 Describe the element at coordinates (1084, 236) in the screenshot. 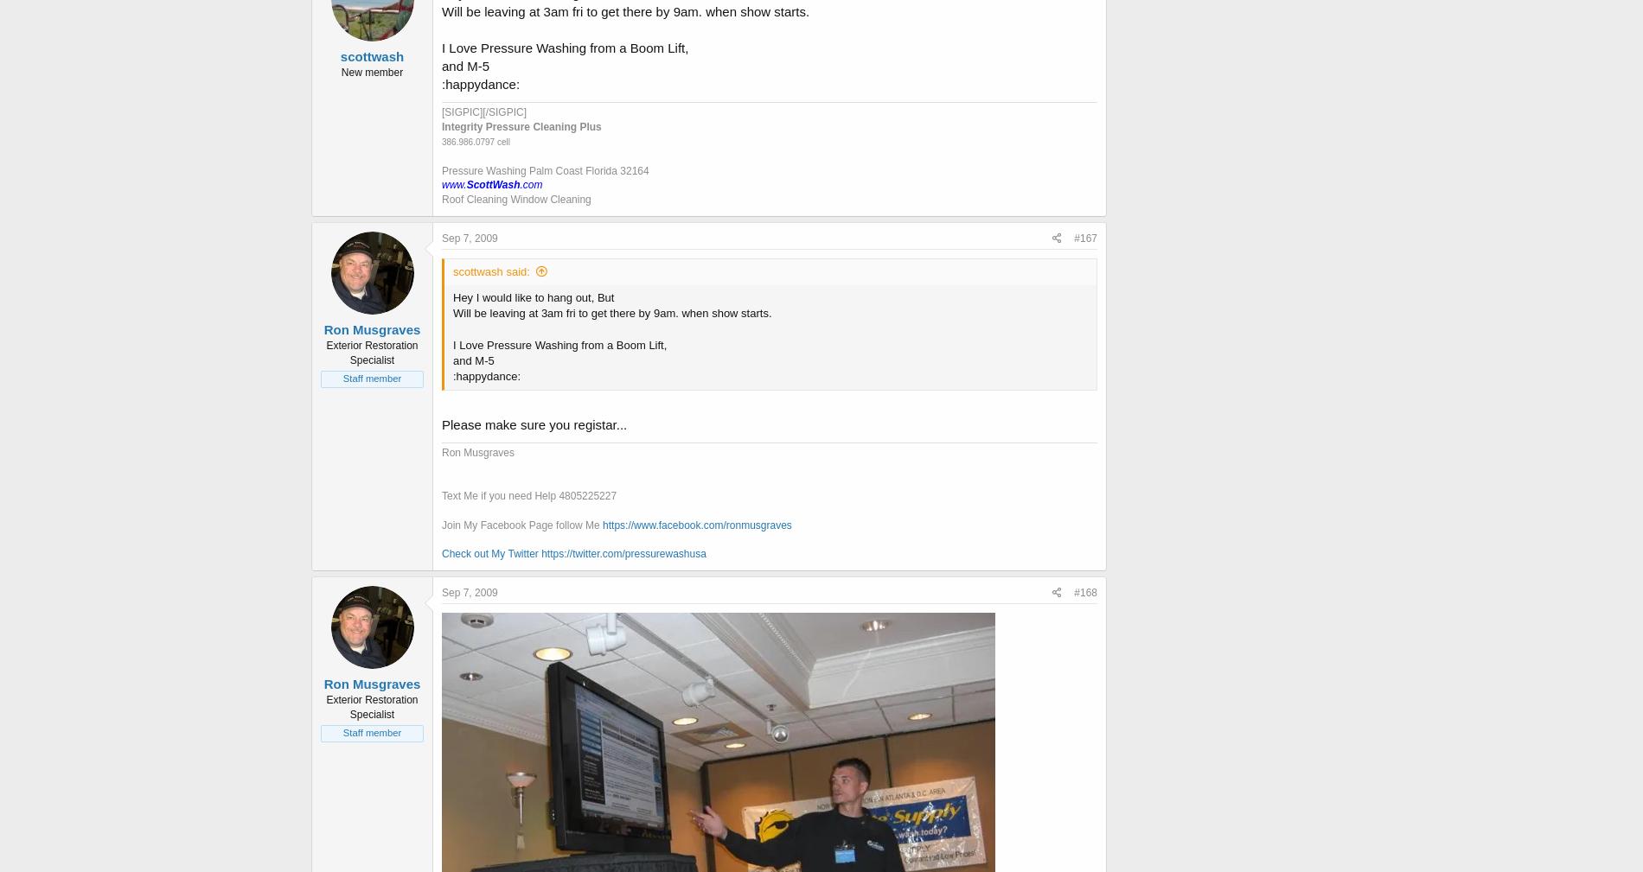

I see `'#167'` at that location.